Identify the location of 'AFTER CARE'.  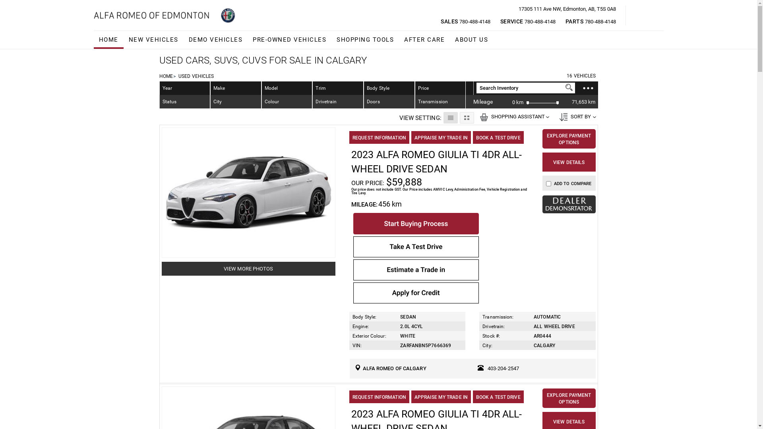
(399, 40).